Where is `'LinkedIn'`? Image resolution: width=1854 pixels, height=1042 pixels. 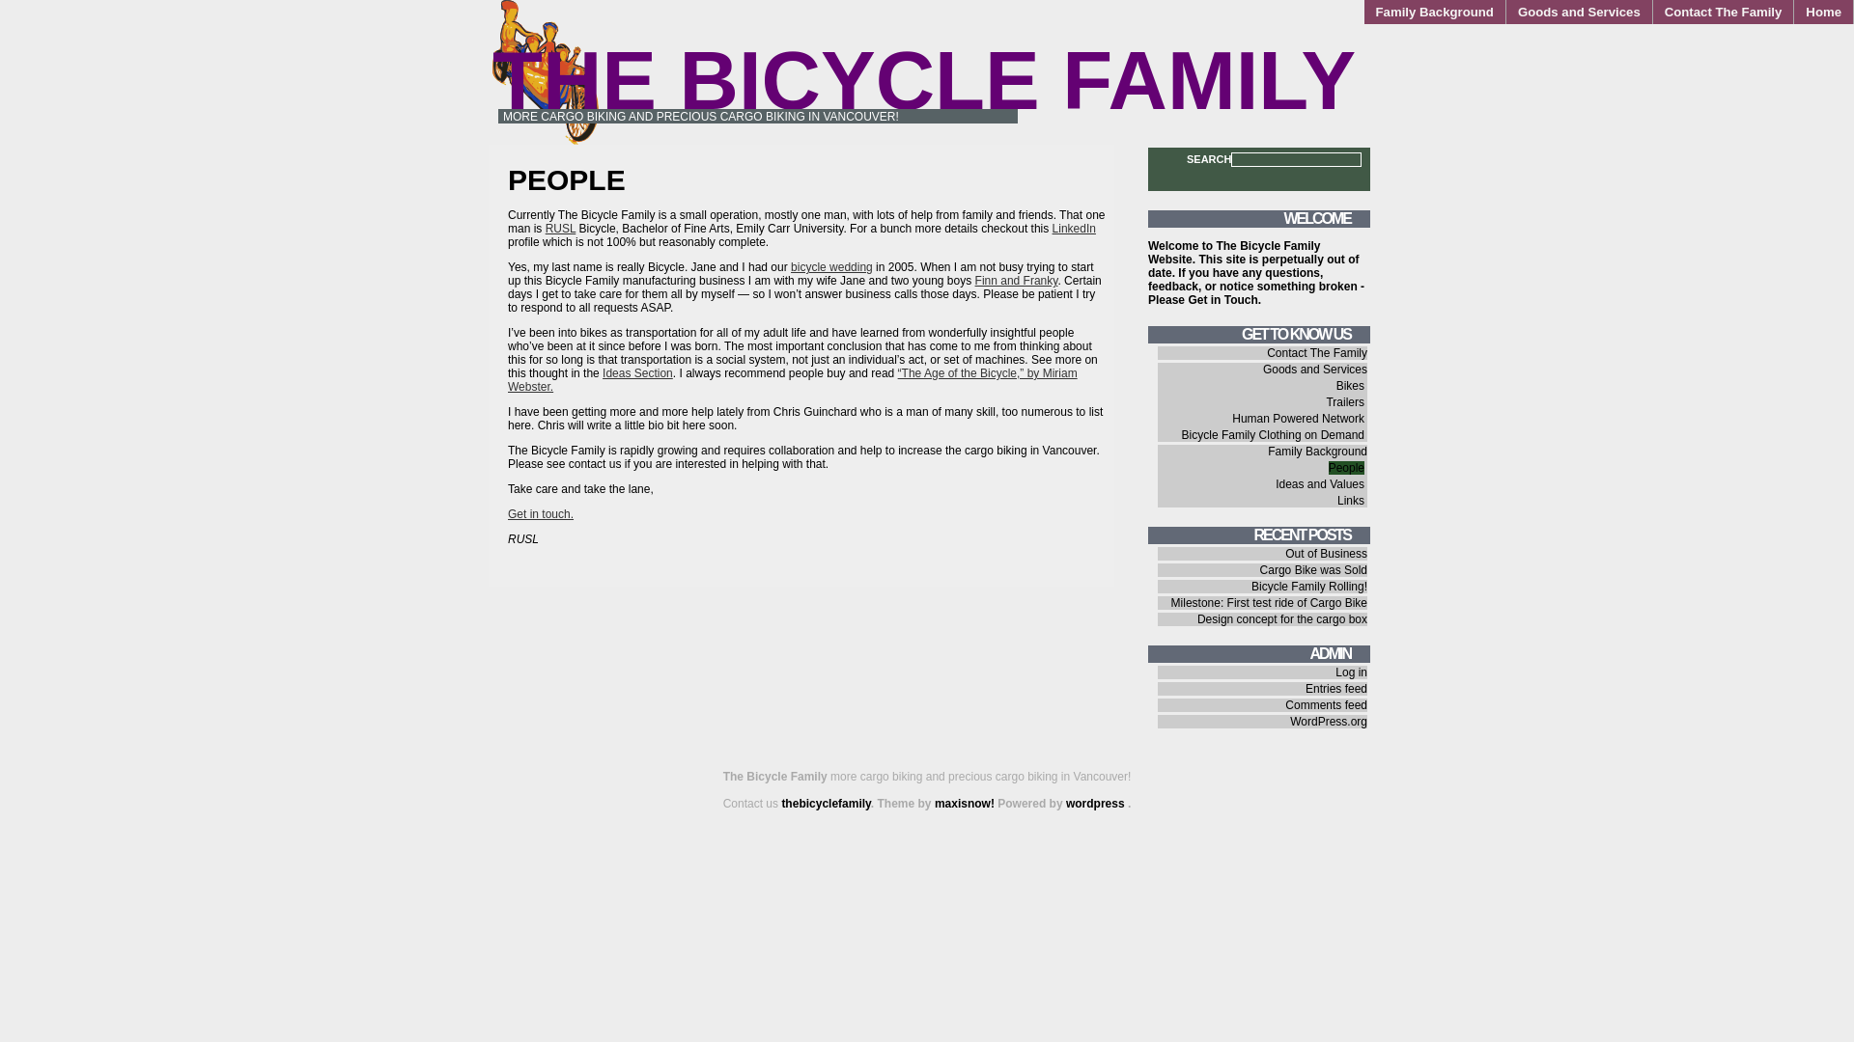
'LinkedIn' is located at coordinates (1073, 227).